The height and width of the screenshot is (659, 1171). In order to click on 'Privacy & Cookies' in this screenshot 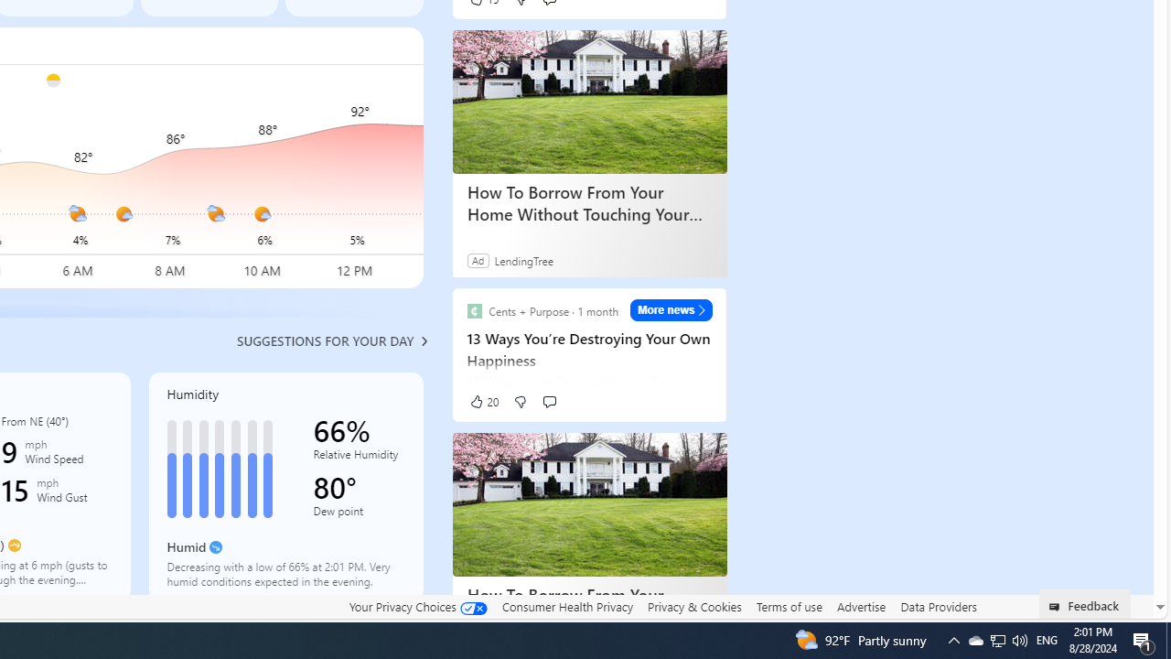, I will do `click(693, 606)`.